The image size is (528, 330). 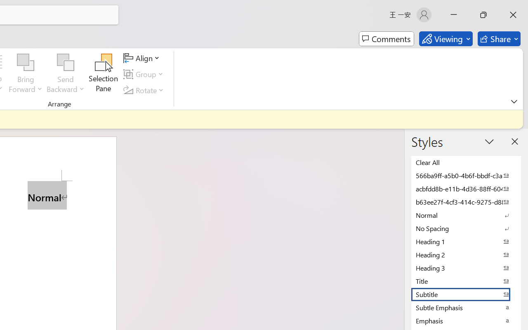 What do you see at coordinates (466, 228) in the screenshot?
I see `'No Spacing'` at bounding box center [466, 228].